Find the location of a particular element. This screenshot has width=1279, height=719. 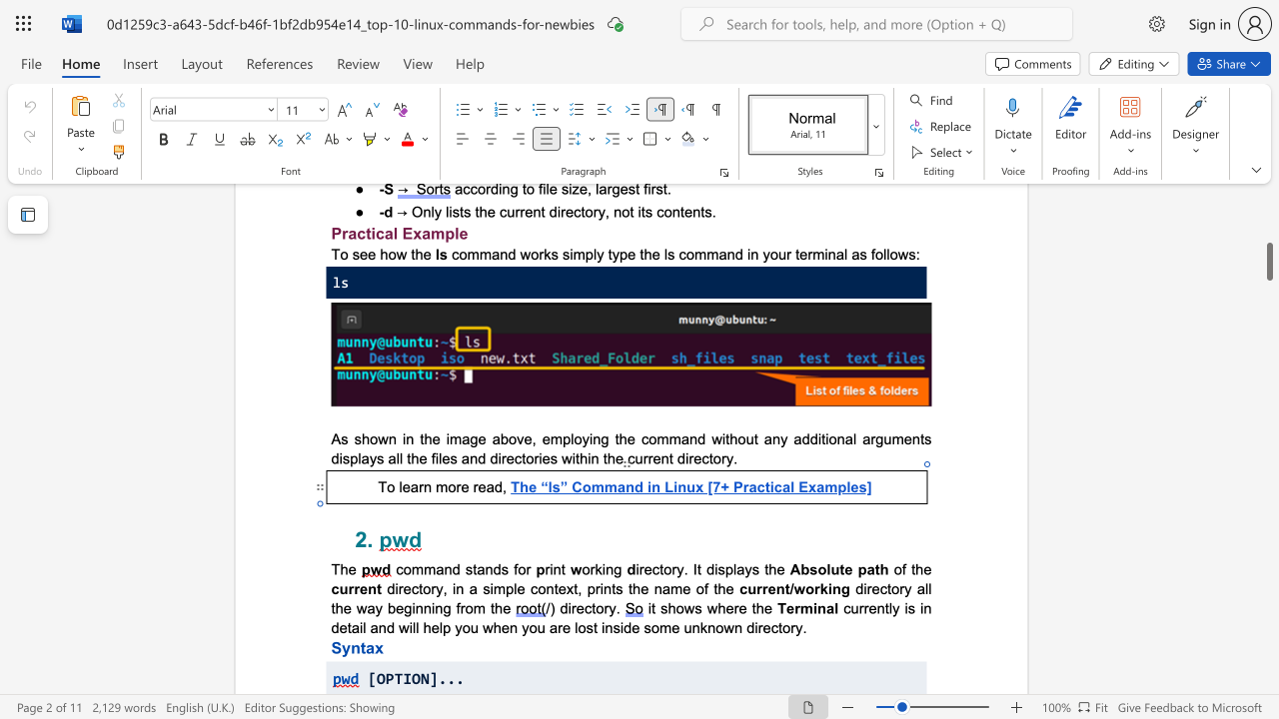

the 1th character "y" in the text is located at coordinates (373, 458).